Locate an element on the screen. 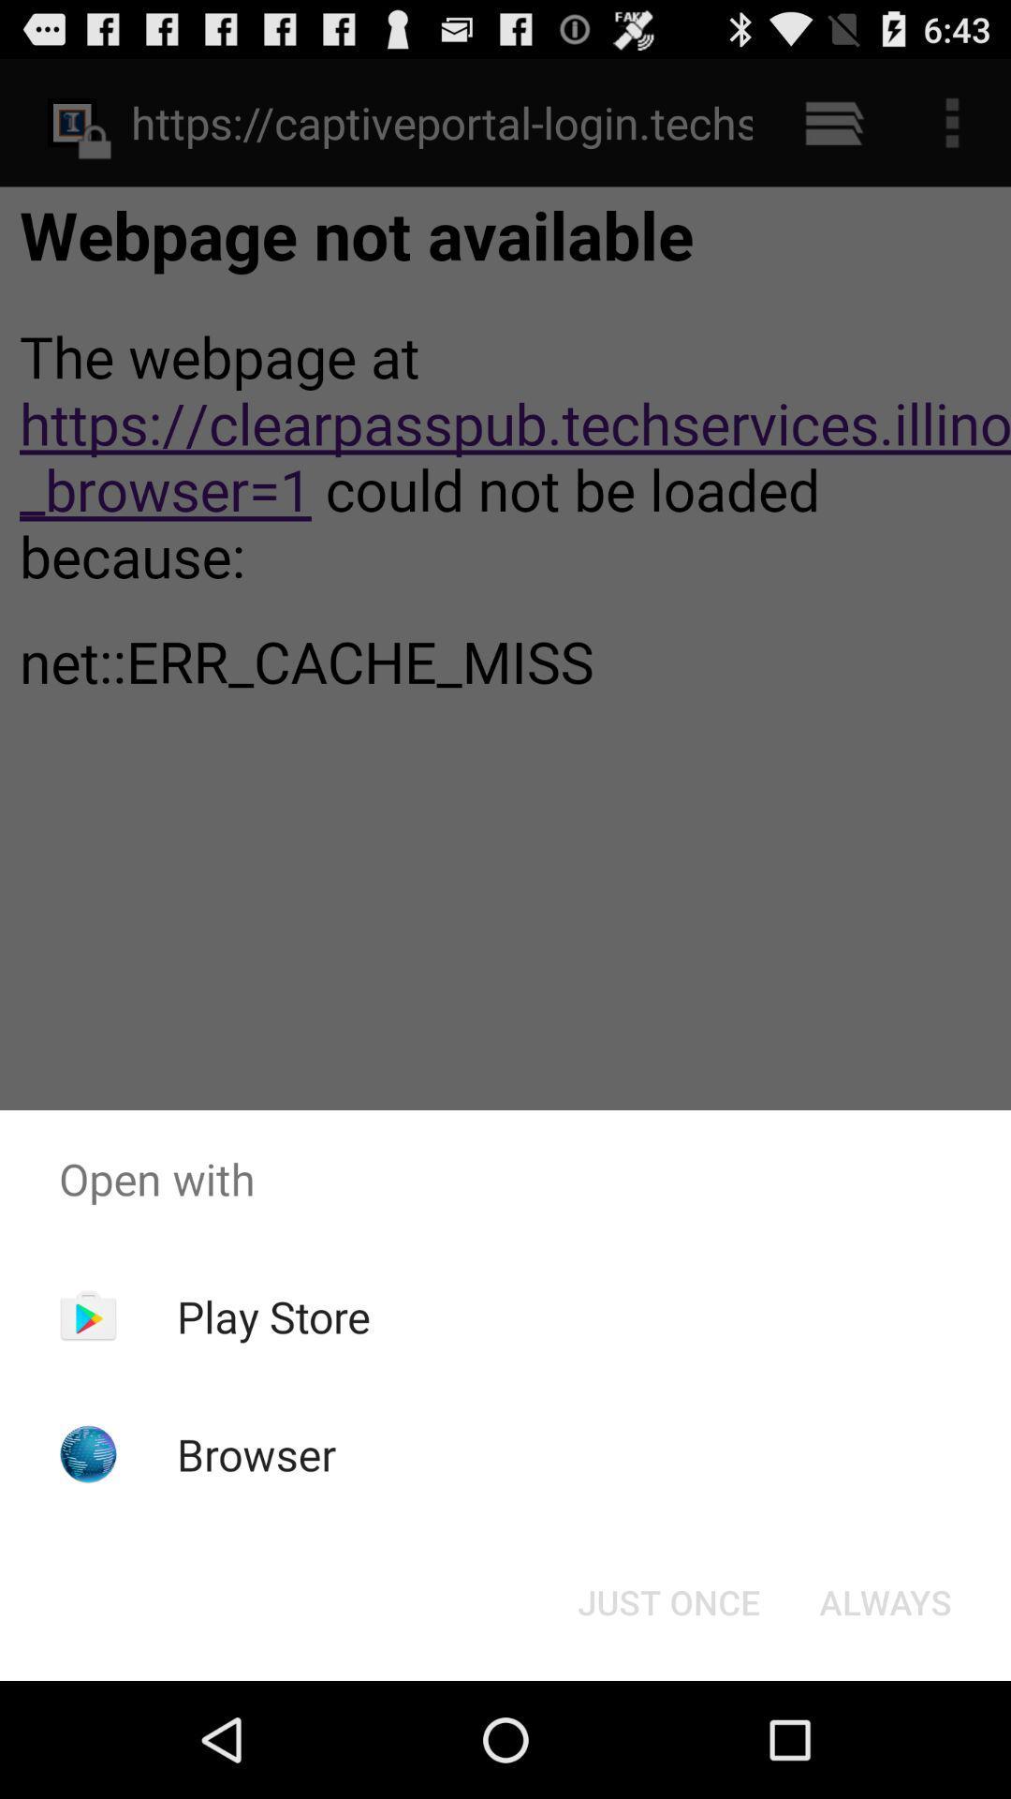 The image size is (1011, 1799). the play store item is located at coordinates (273, 1316).